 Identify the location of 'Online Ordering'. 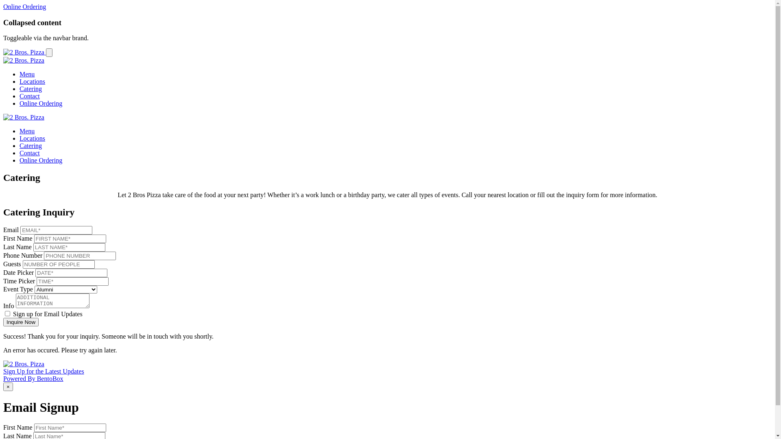
(3, 7).